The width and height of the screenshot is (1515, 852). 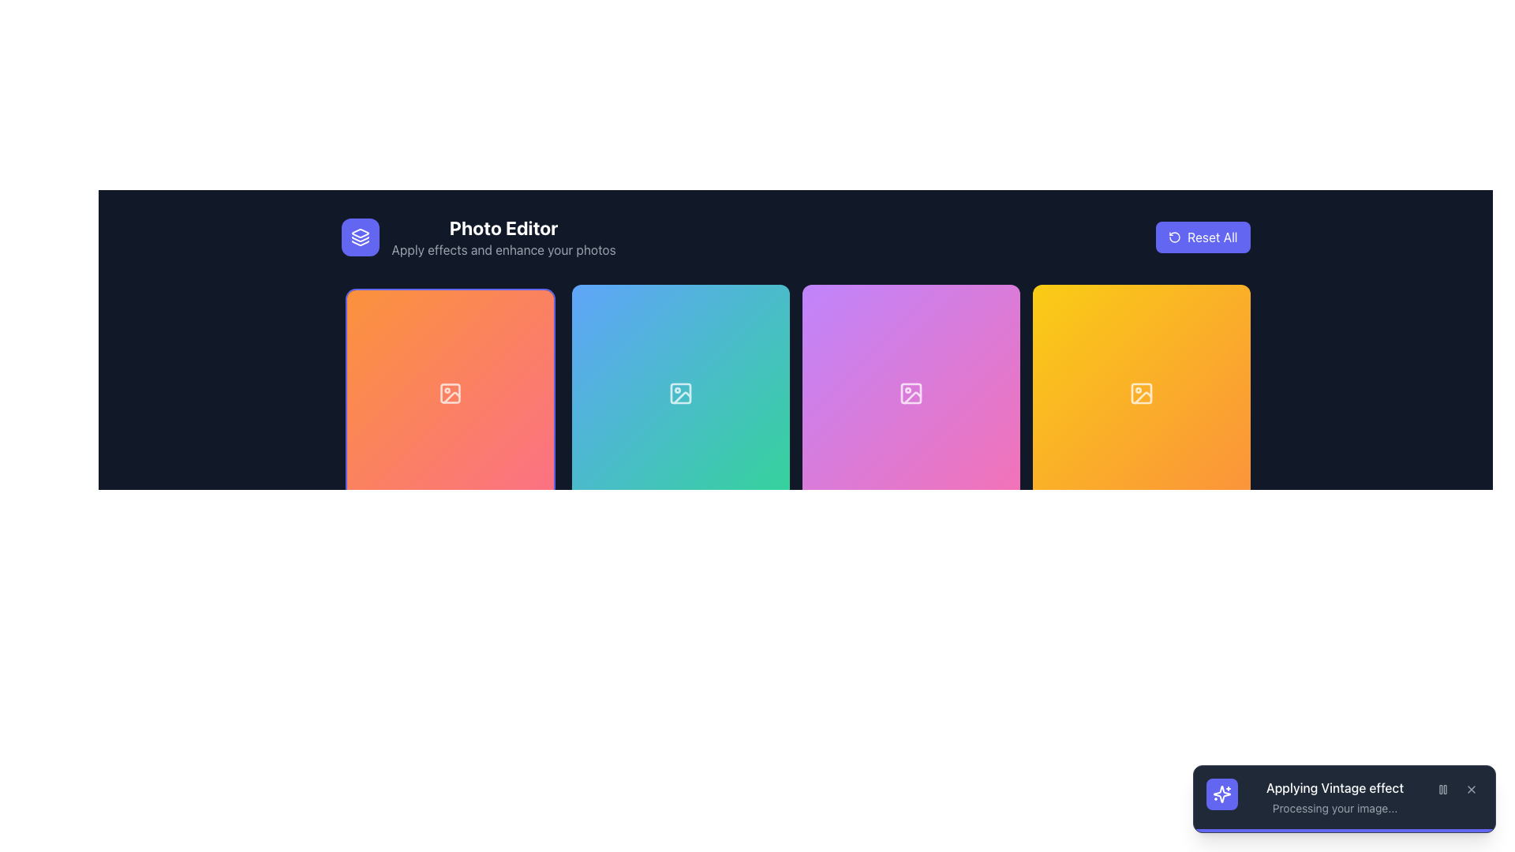 I want to click on the circular arrow icon in the top-right corner of the navigation bar, which represents a reset or refresh action, so click(x=1175, y=237).